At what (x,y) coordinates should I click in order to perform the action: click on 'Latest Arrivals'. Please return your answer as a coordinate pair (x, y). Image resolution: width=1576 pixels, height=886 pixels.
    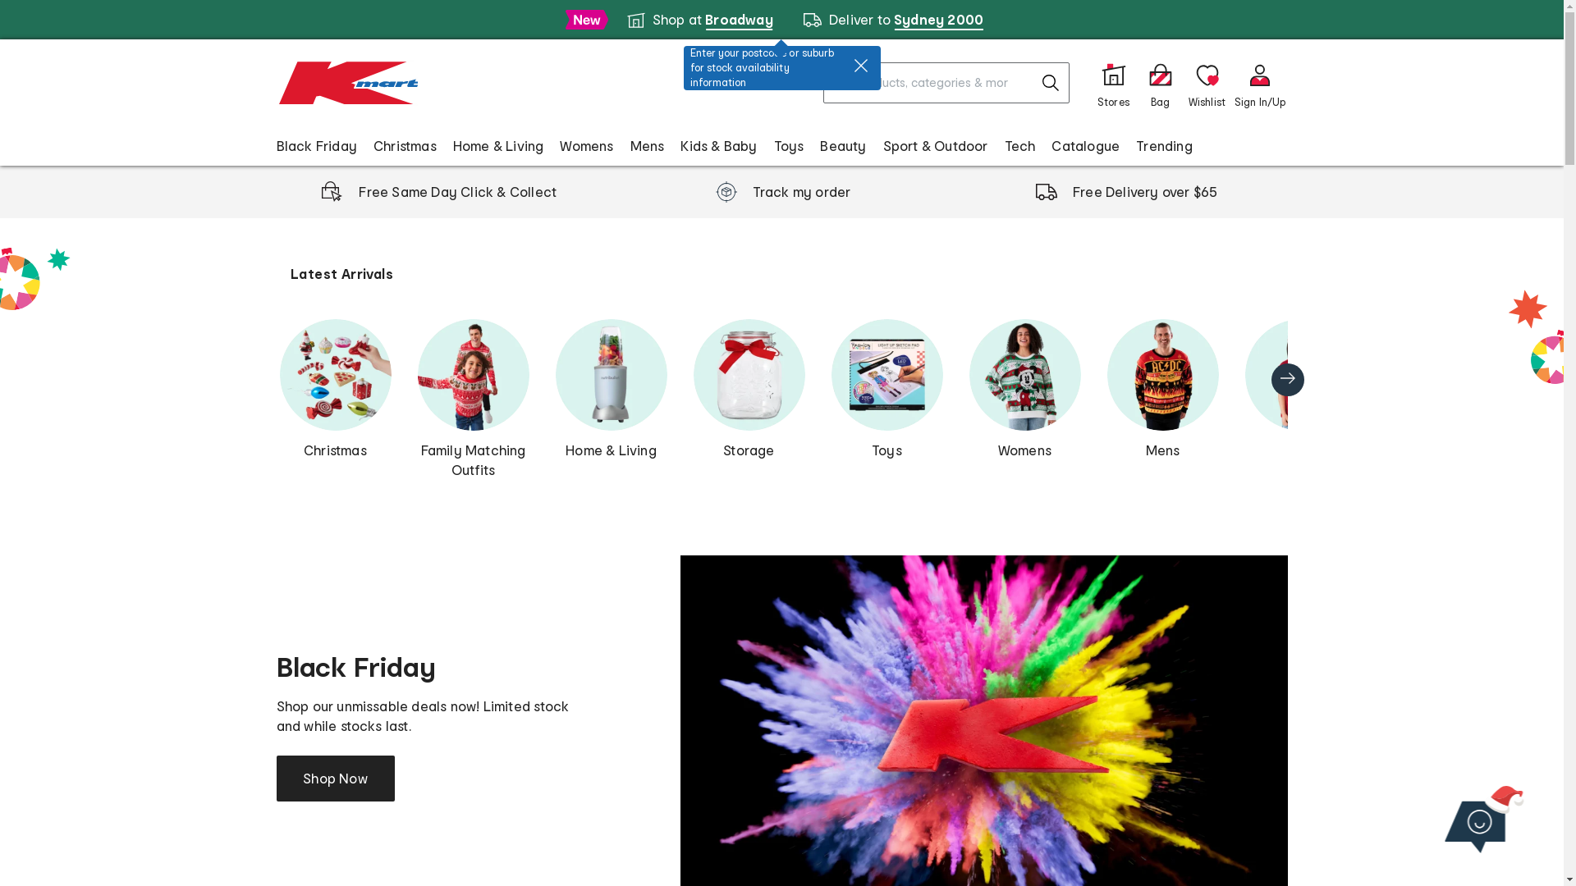
    Looking at the image, I should click on (276, 273).